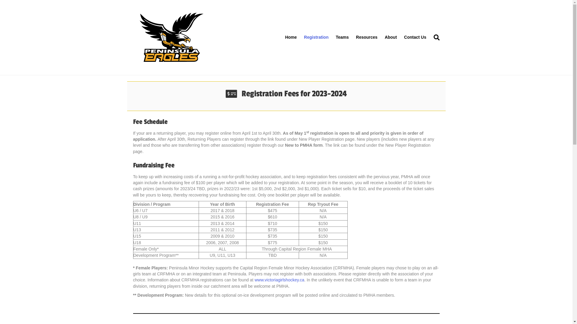 This screenshot has width=577, height=324. I want to click on 'Teams', so click(342, 37).